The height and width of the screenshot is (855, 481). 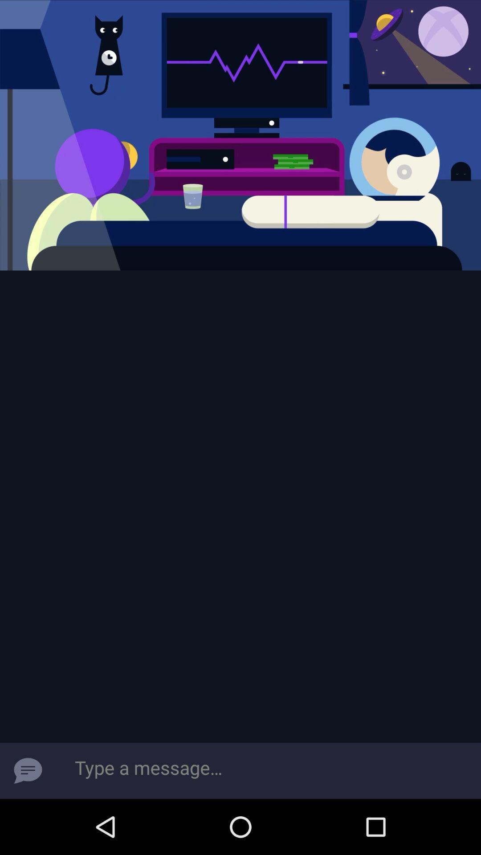 I want to click on type message, so click(x=268, y=770).